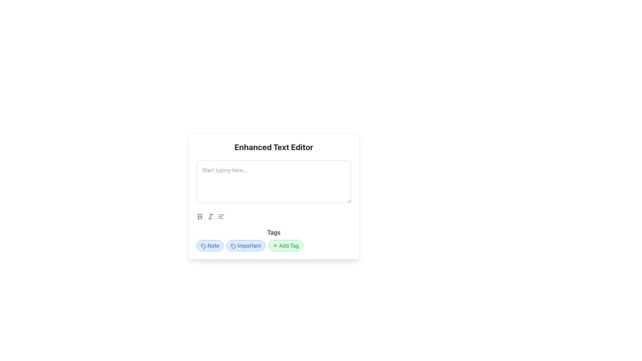  Describe the element at coordinates (286, 246) in the screenshot. I see `the third tag-like button under the 'Tags' label` at that location.